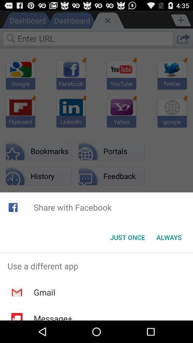  What do you see at coordinates (44, 292) in the screenshot?
I see `the icon below use a different item` at bounding box center [44, 292].